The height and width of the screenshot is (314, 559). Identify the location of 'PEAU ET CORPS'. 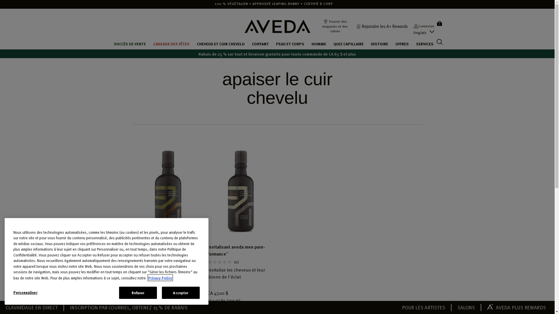
(290, 43).